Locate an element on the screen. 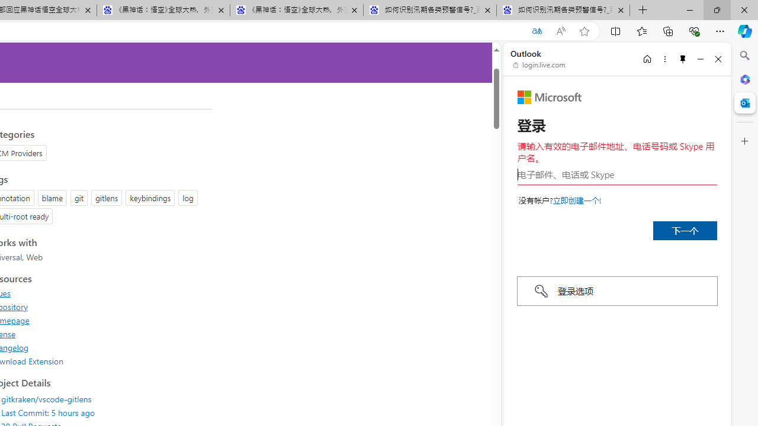 The width and height of the screenshot is (758, 426). 'login.live.com' is located at coordinates (539, 65).